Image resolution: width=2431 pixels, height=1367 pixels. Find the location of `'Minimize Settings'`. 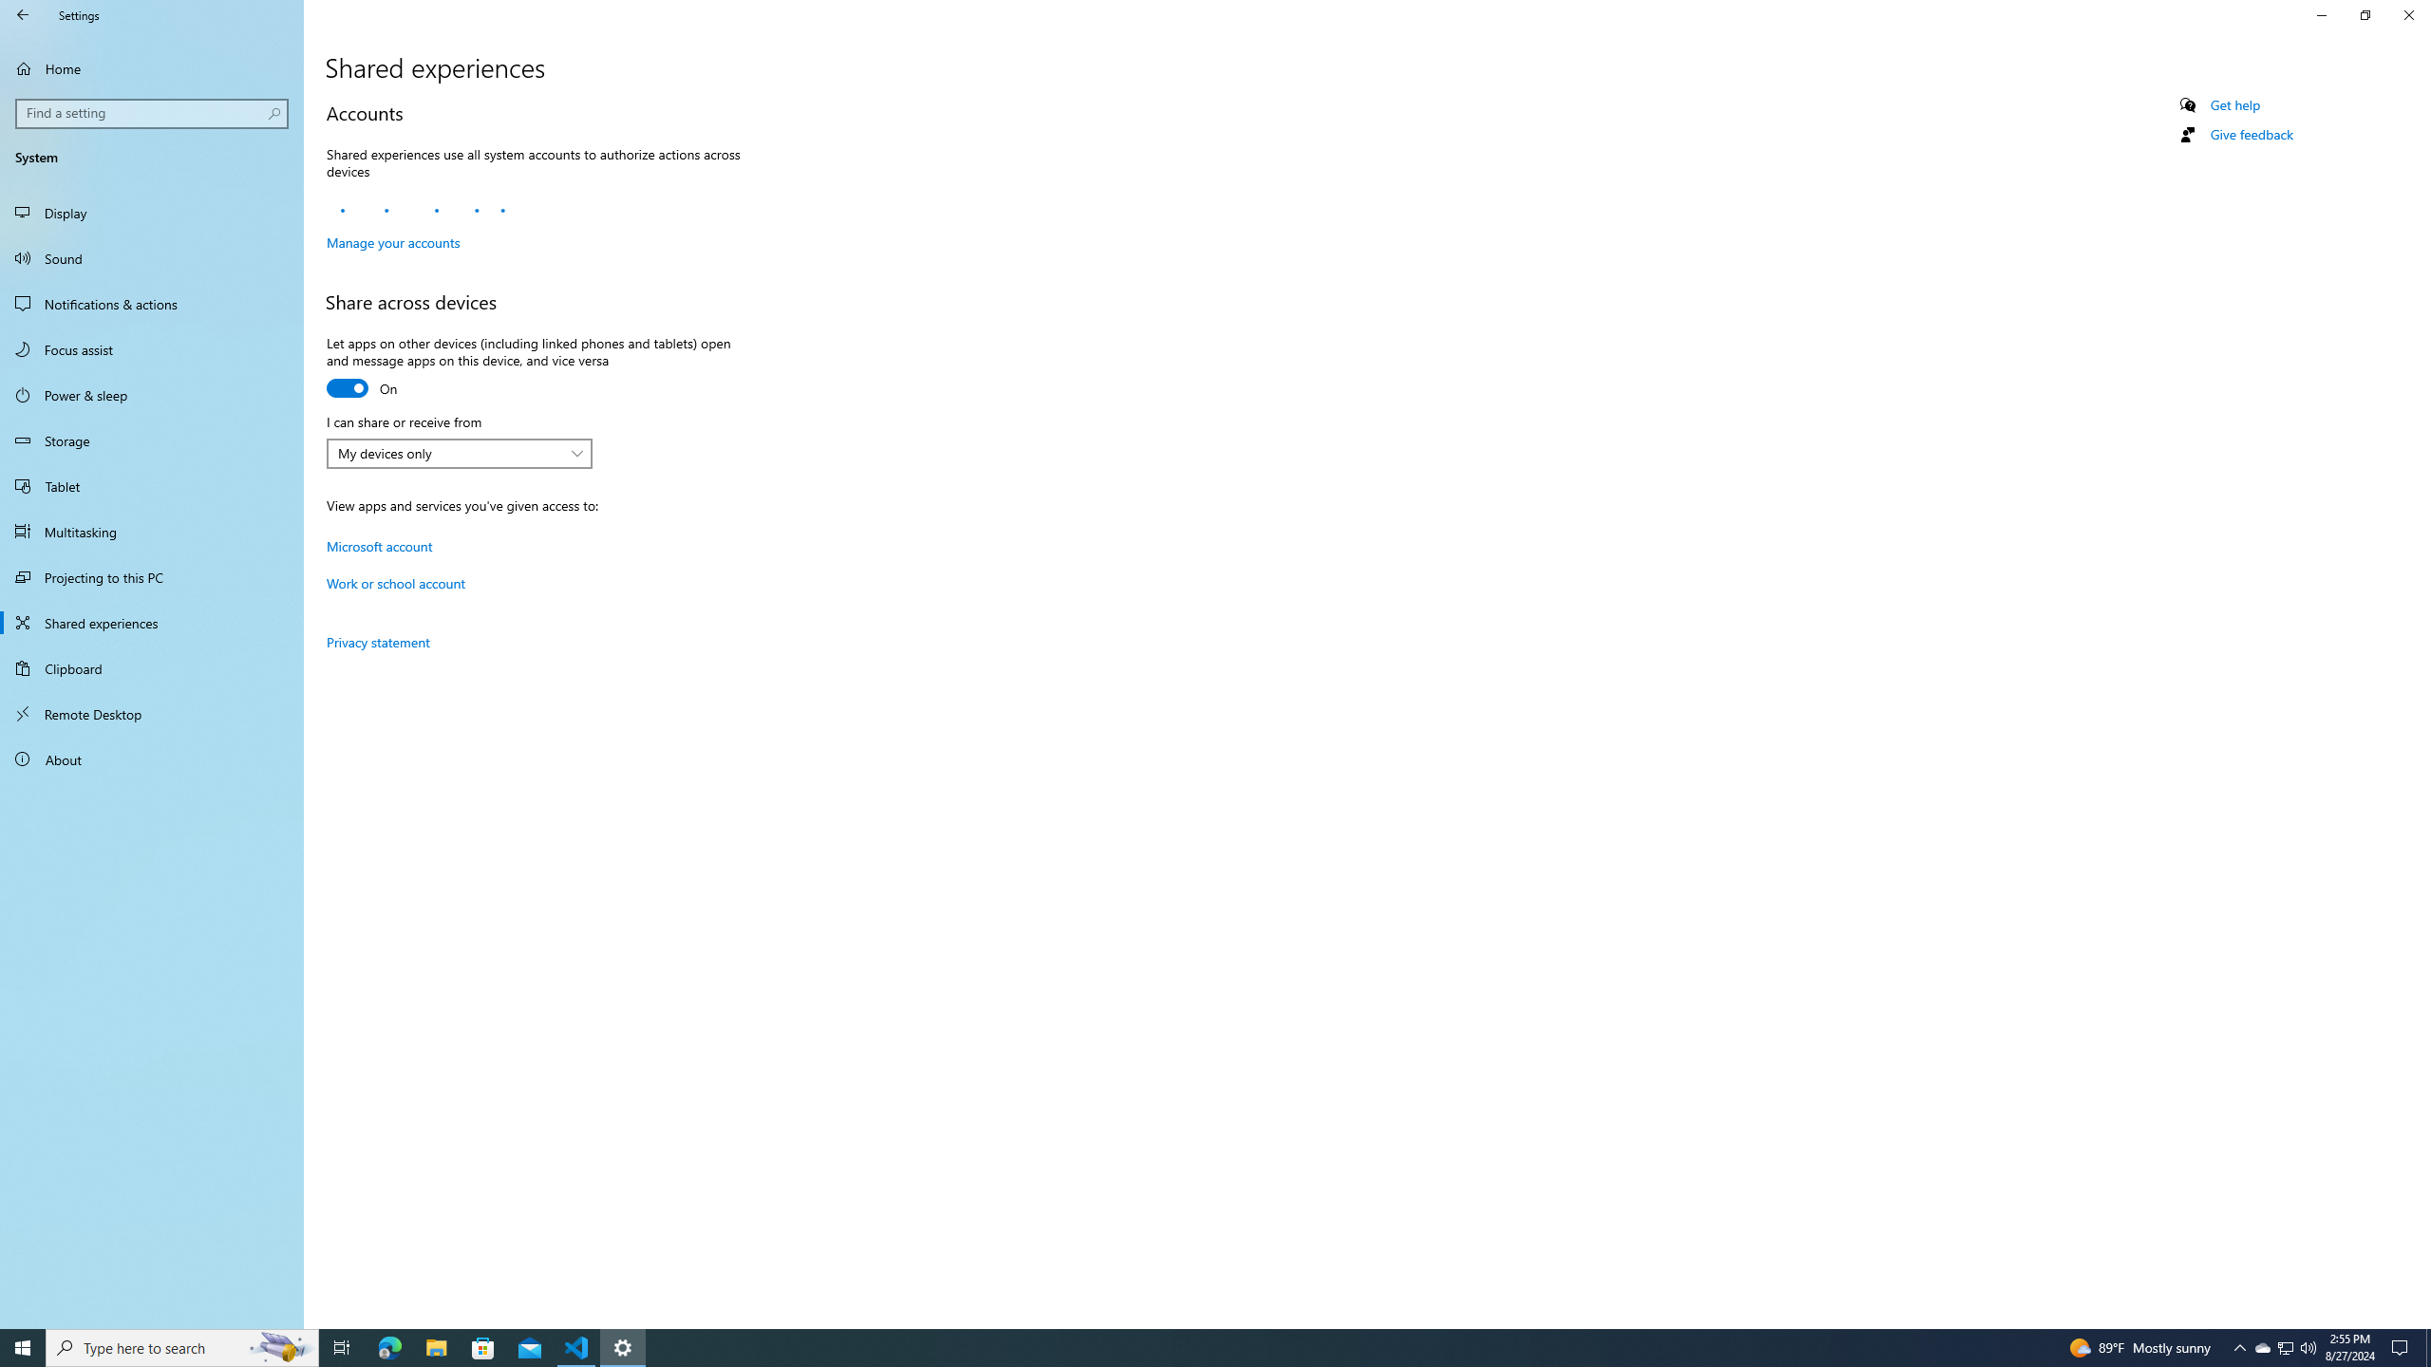

'Minimize Settings' is located at coordinates (2320, 14).